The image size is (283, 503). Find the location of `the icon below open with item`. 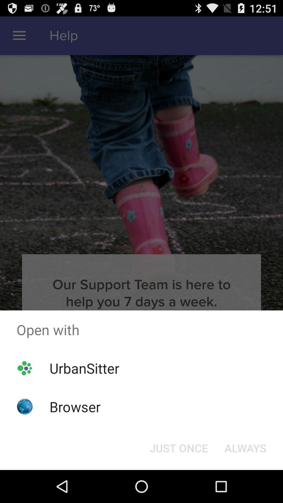

the icon below open with item is located at coordinates (246, 447).